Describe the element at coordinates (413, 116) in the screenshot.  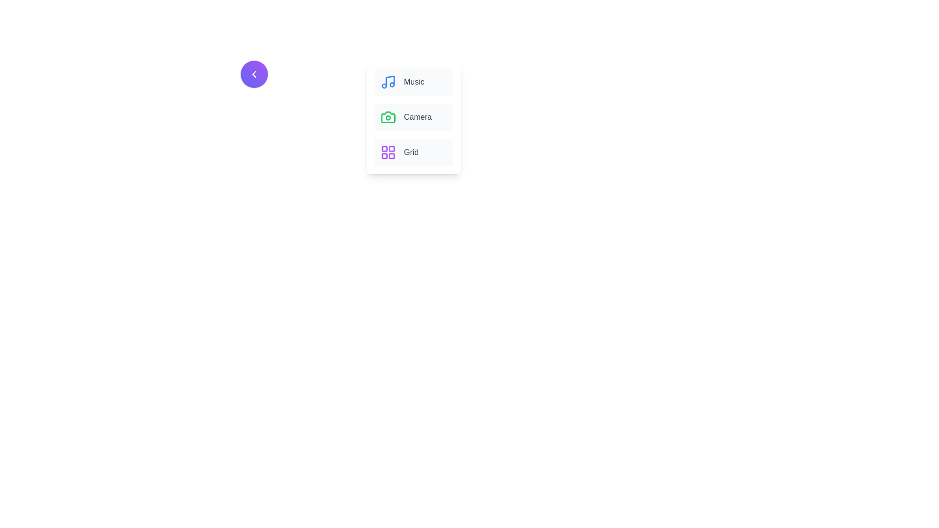
I see `the menu item labeled Camera to see its hover effect` at that location.